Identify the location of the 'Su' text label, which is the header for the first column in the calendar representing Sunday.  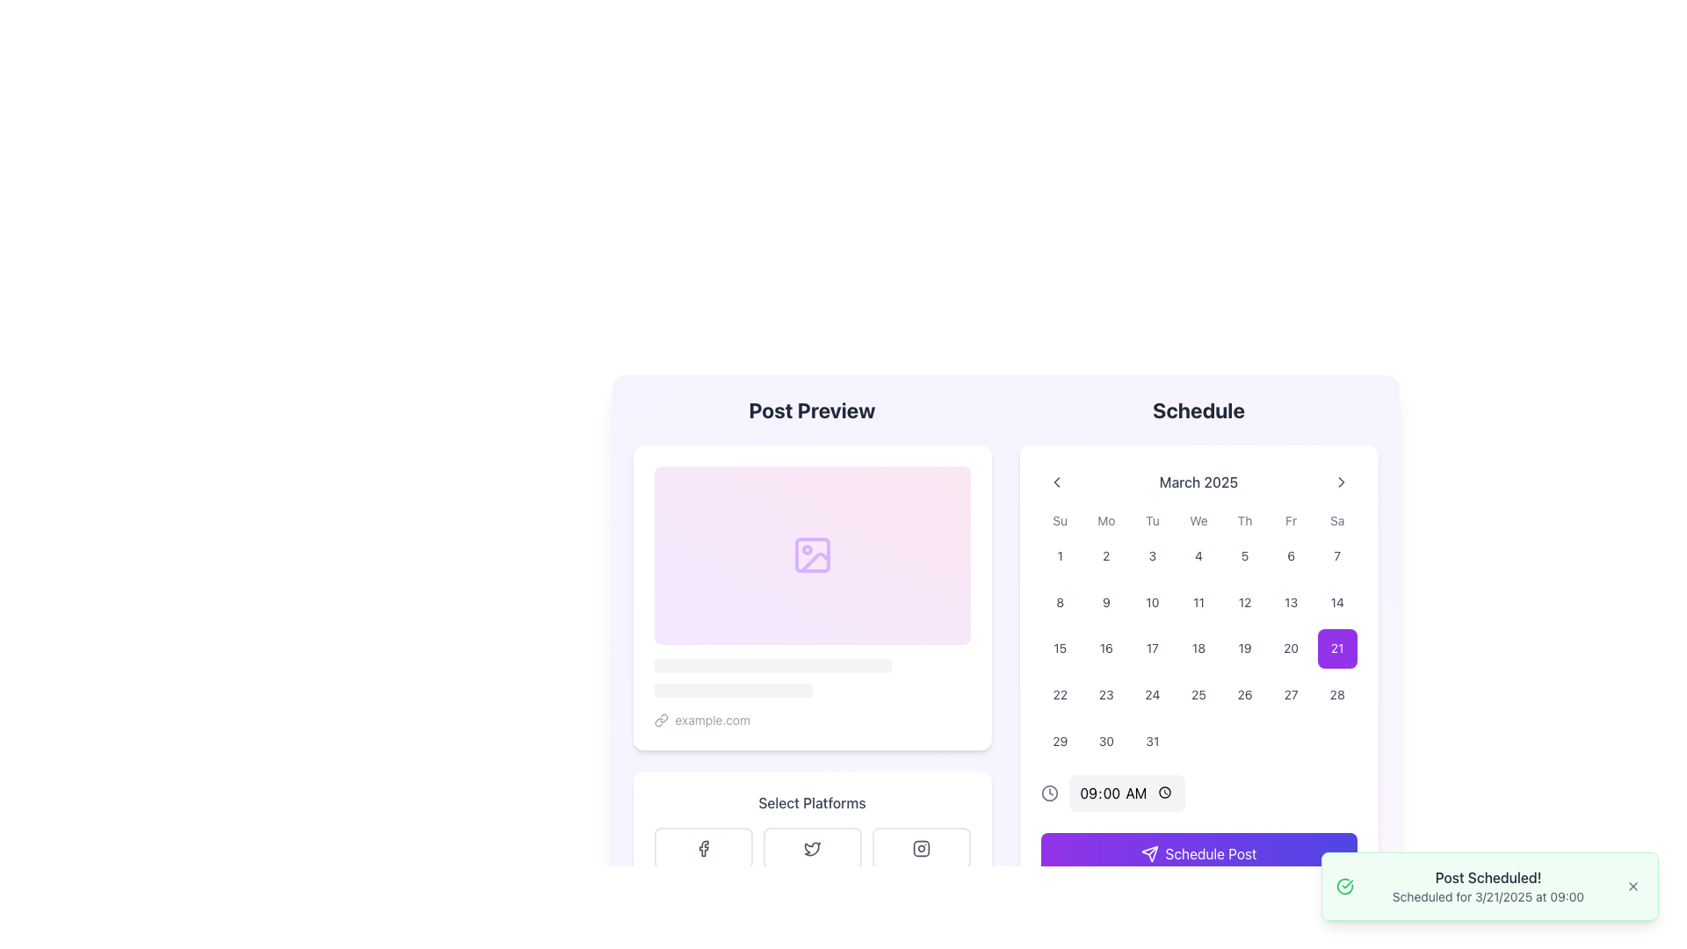
(1059, 520).